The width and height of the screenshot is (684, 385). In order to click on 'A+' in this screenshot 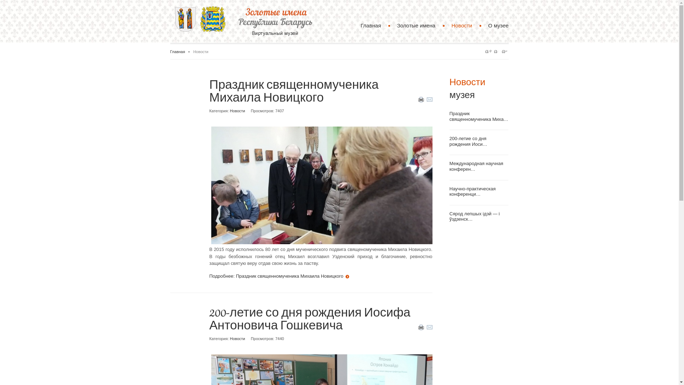, I will do `click(488, 51)`.